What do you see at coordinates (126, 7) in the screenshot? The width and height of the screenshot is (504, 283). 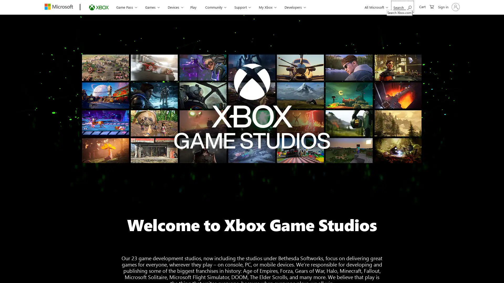 I see `Game Pass` at bounding box center [126, 7].